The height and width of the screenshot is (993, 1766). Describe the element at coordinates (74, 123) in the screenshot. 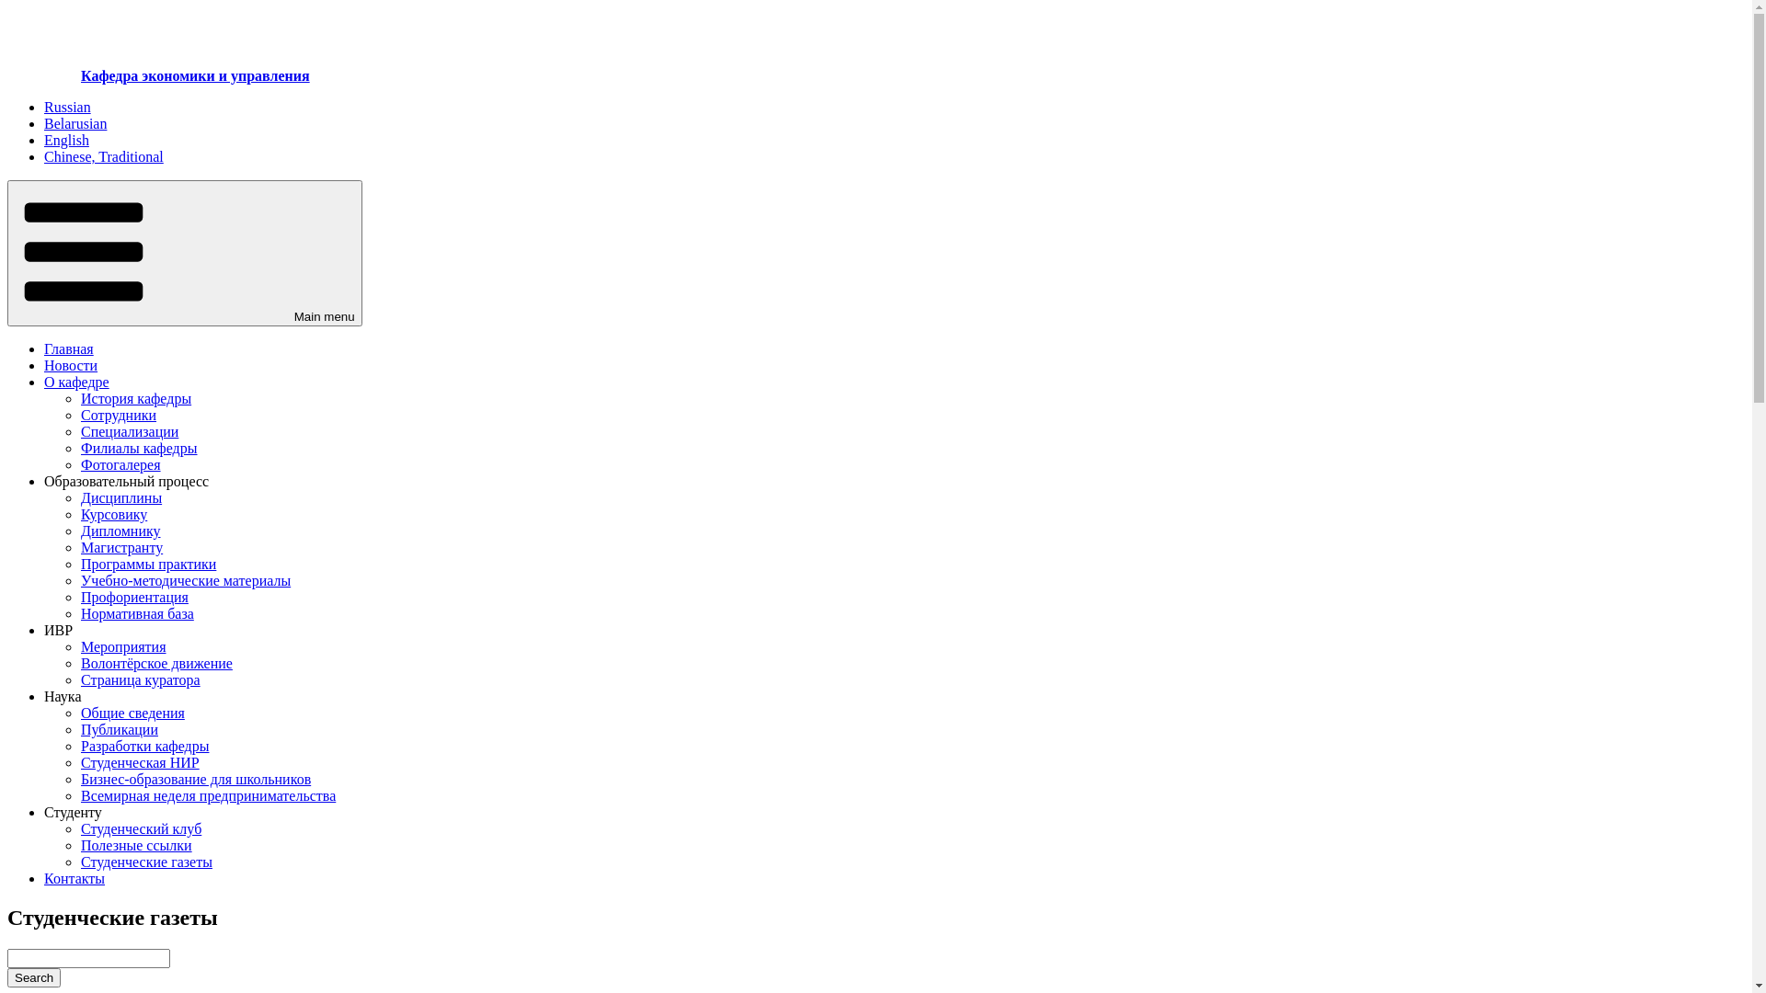

I see `'Belarusian'` at that location.